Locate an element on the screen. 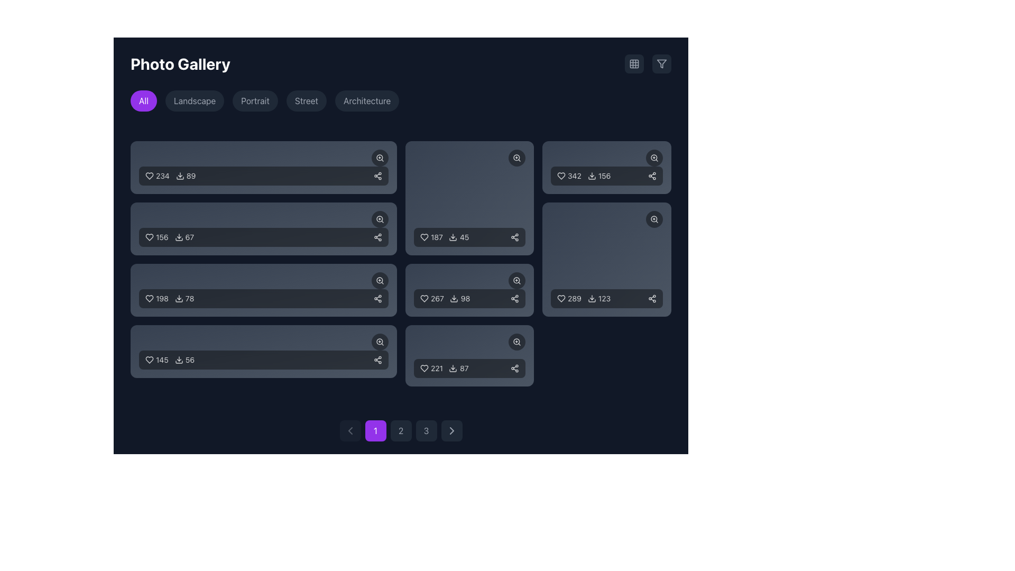 This screenshot has height=571, width=1015. the filter button located in the upper-right corner of the interface is located at coordinates (661, 63).